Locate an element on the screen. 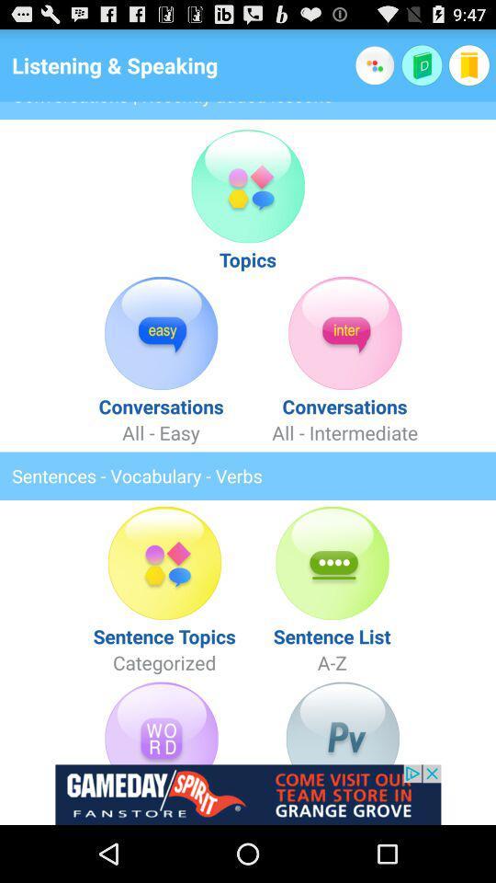 The image size is (496, 883). the bookmark icon is located at coordinates (468, 69).